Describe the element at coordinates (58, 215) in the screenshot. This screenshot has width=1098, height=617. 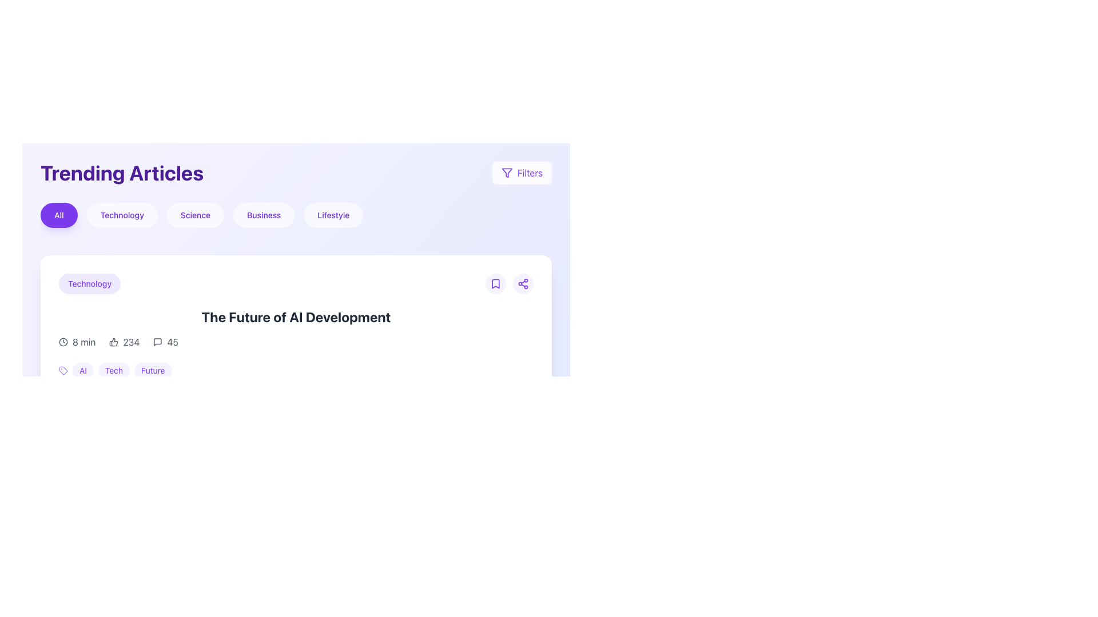
I see `the 'All' category button located in the horizontal navigation section, which is the first button on the left, to observe any hover effect` at that location.